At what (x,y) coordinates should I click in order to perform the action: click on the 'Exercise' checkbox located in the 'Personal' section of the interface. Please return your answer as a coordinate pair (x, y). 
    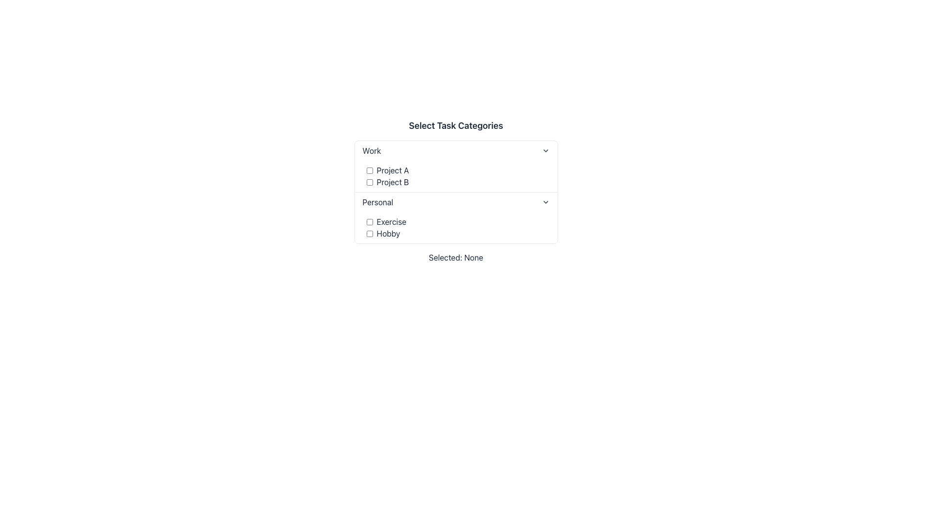
    Looking at the image, I should click on (457, 221).